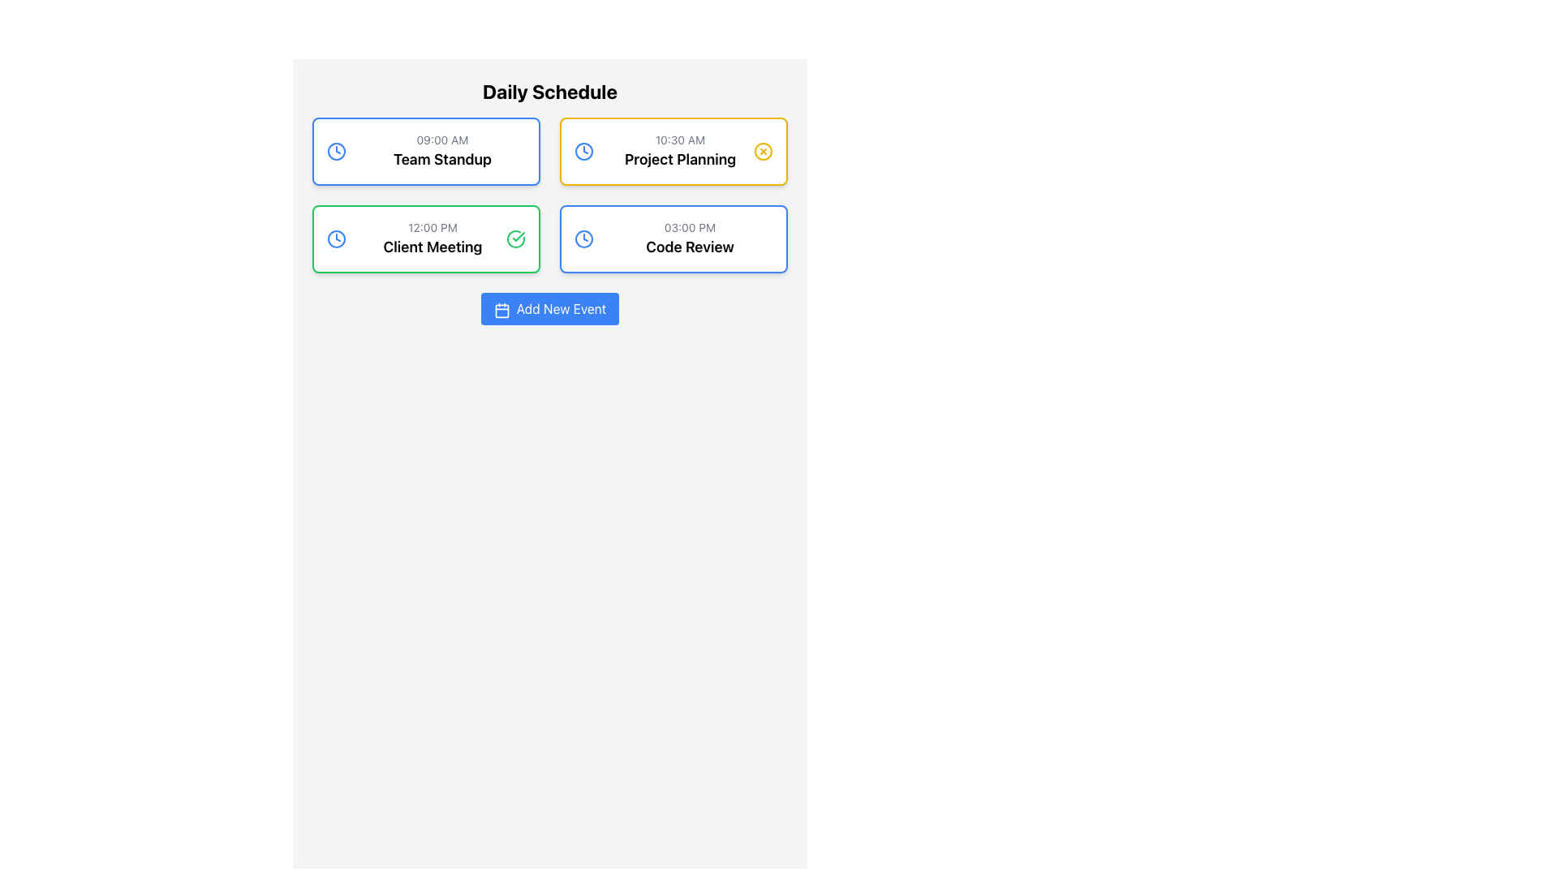 This screenshot has width=1558, height=876. What do you see at coordinates (426, 238) in the screenshot?
I see `the scheduled event card labeled 'Client Meeting' occurring at 12:00 PM, which is the third element in a grid layout under the '09:00 AM Team Standup' item` at bounding box center [426, 238].